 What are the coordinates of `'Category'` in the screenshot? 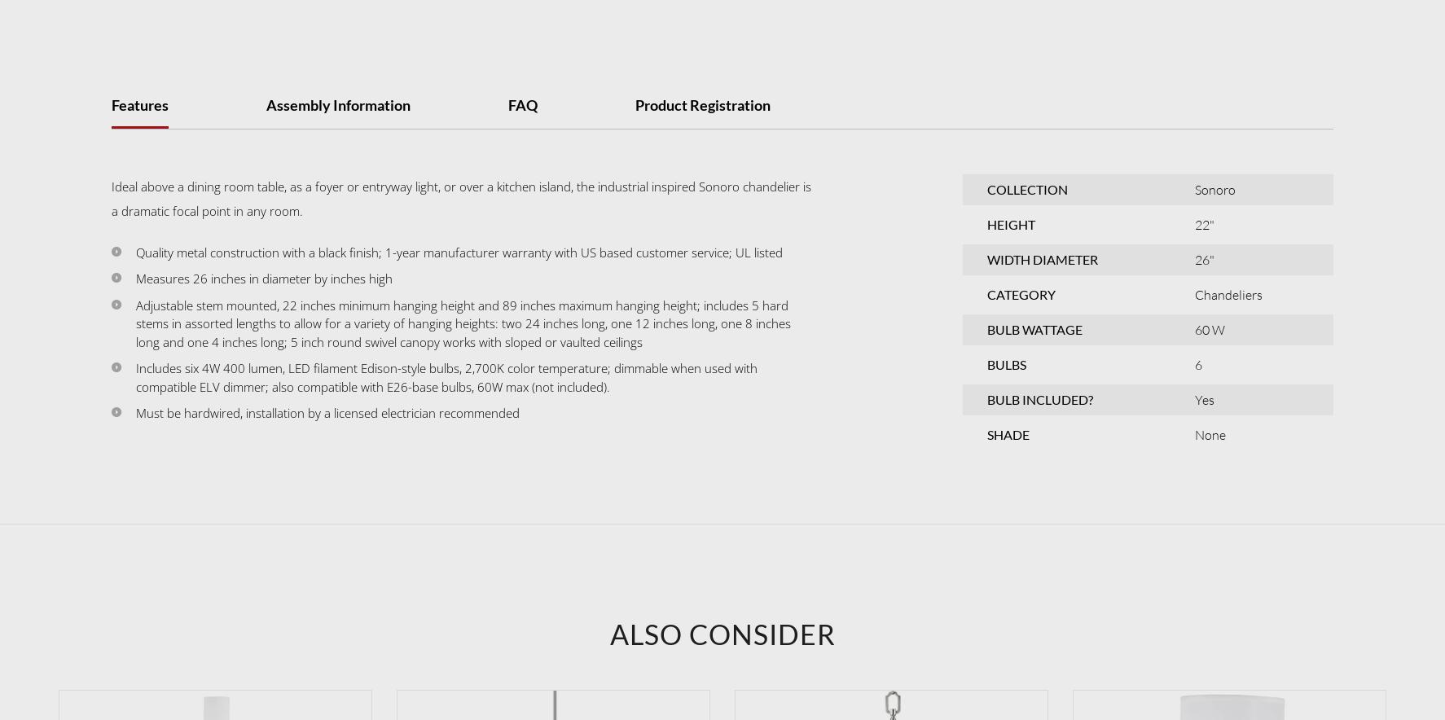 It's located at (986, 292).